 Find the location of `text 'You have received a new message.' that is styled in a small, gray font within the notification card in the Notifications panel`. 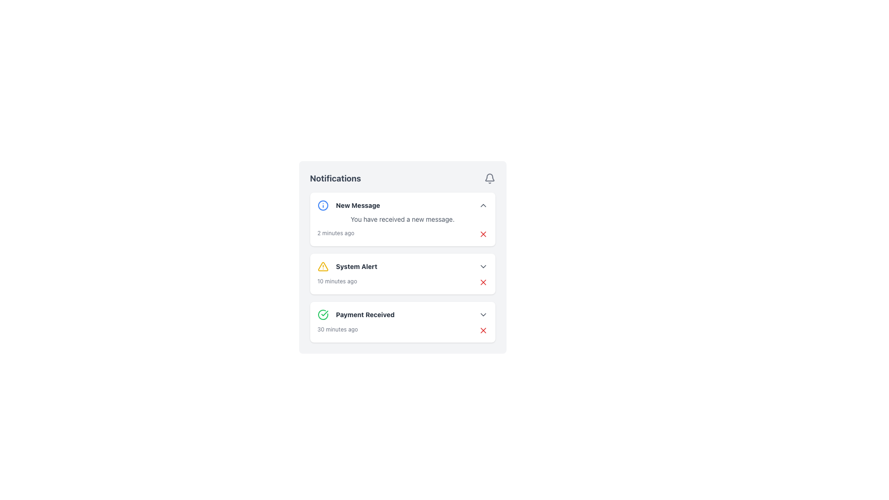

text 'You have received a new message.' that is styled in a small, gray font within the notification card in the Notifications panel is located at coordinates (402, 219).